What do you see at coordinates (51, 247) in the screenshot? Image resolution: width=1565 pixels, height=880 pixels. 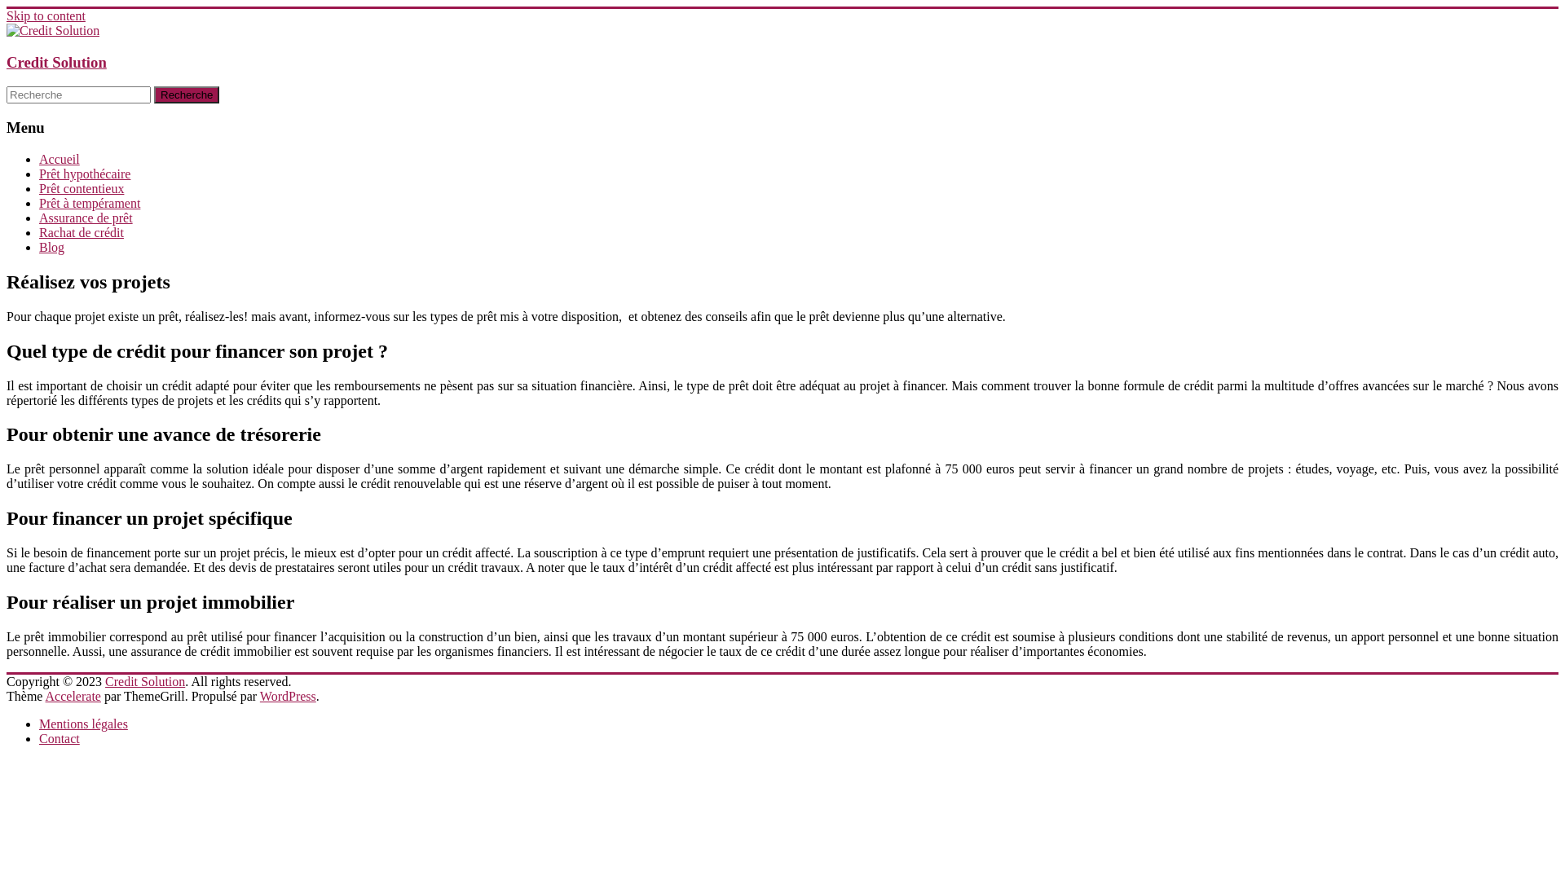 I see `'Blog'` at bounding box center [51, 247].